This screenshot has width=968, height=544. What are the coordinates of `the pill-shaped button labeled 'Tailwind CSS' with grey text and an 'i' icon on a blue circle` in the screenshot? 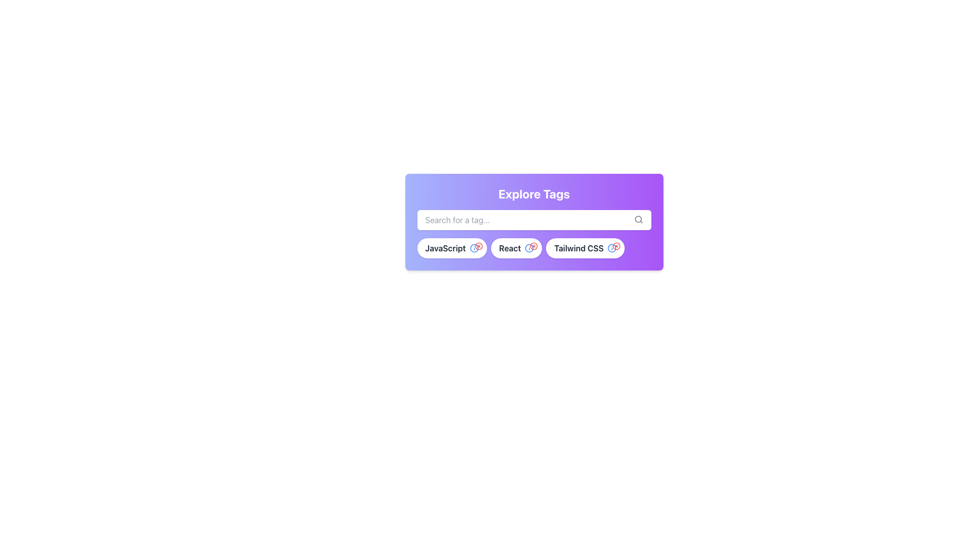 It's located at (585, 248).